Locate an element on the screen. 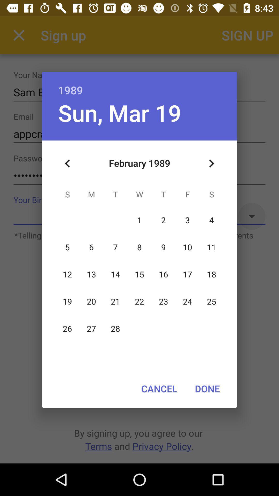 The width and height of the screenshot is (279, 496). icon at the top left corner is located at coordinates (67, 163).